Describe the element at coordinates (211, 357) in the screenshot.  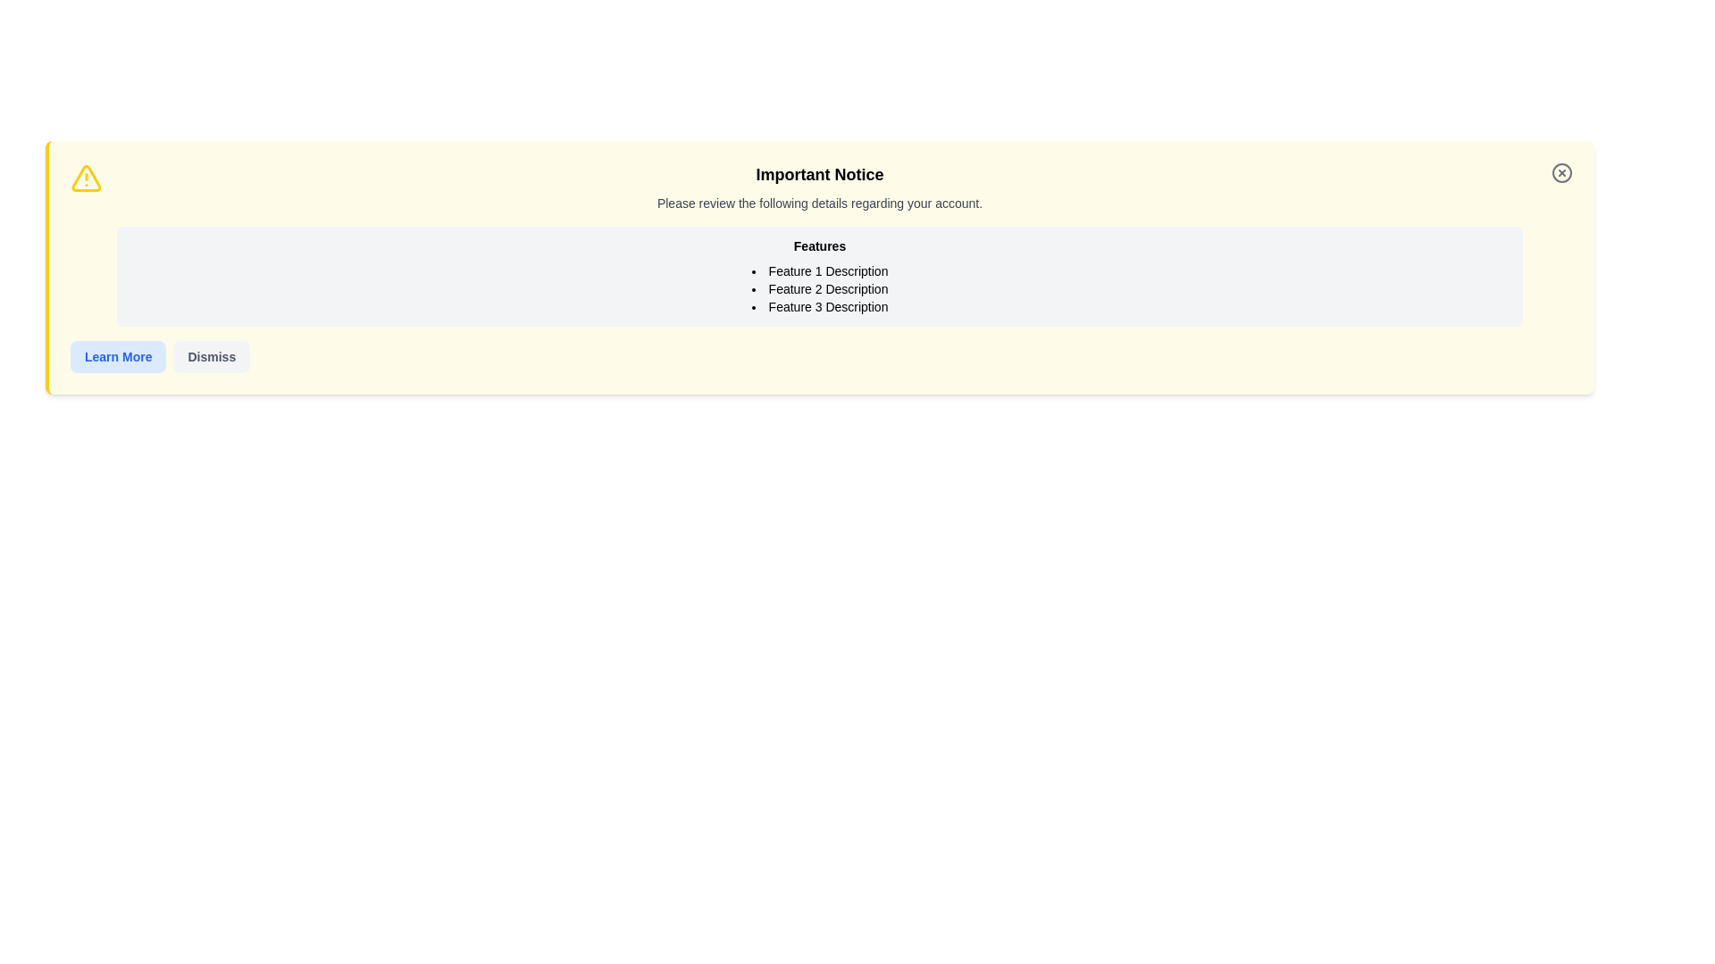
I see `the dismiss button located at the bottom of the notification box, which is the second button in the sequence` at that location.